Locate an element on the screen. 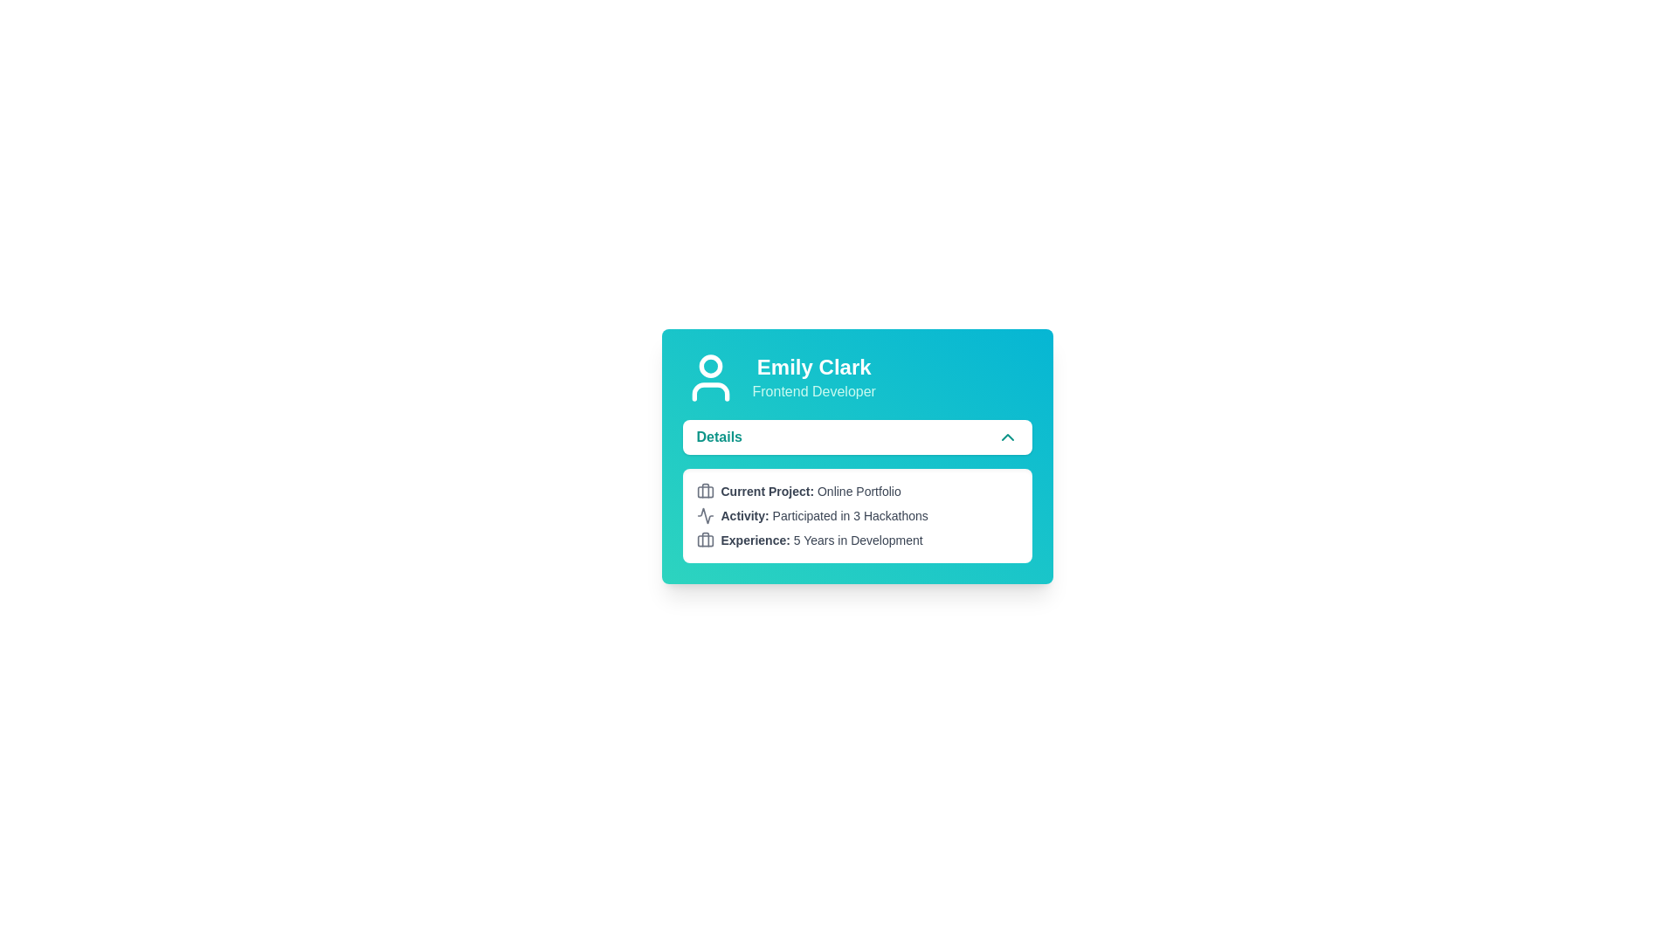 This screenshot has height=943, width=1677. the text label reading 'Experience:' which is part of a larger text indicating years of experience in development is located at coordinates (756, 539).